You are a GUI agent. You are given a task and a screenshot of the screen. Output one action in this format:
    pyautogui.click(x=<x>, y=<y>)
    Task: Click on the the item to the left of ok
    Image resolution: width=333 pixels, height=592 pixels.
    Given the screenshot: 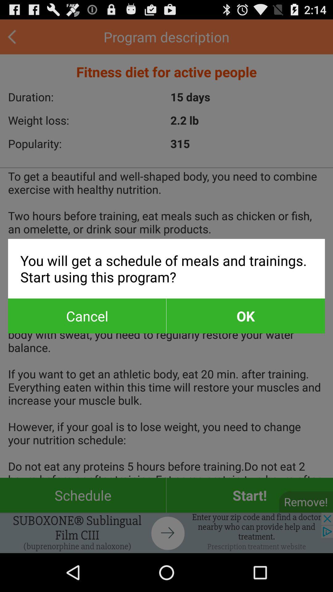 What is the action you would take?
    pyautogui.click(x=87, y=316)
    